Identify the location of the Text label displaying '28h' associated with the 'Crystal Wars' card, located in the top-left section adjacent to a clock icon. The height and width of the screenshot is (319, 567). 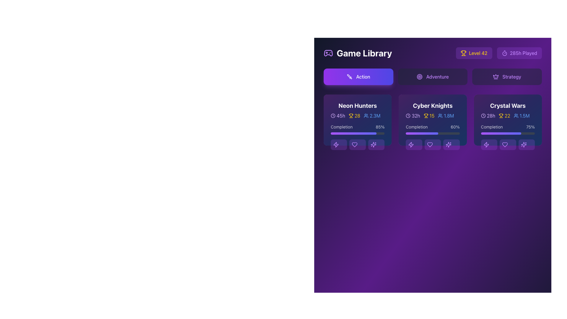
(491, 116).